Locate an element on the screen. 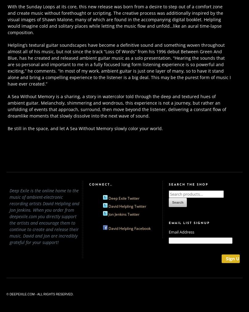  'Deep Exile Twitter' is located at coordinates (107, 198).